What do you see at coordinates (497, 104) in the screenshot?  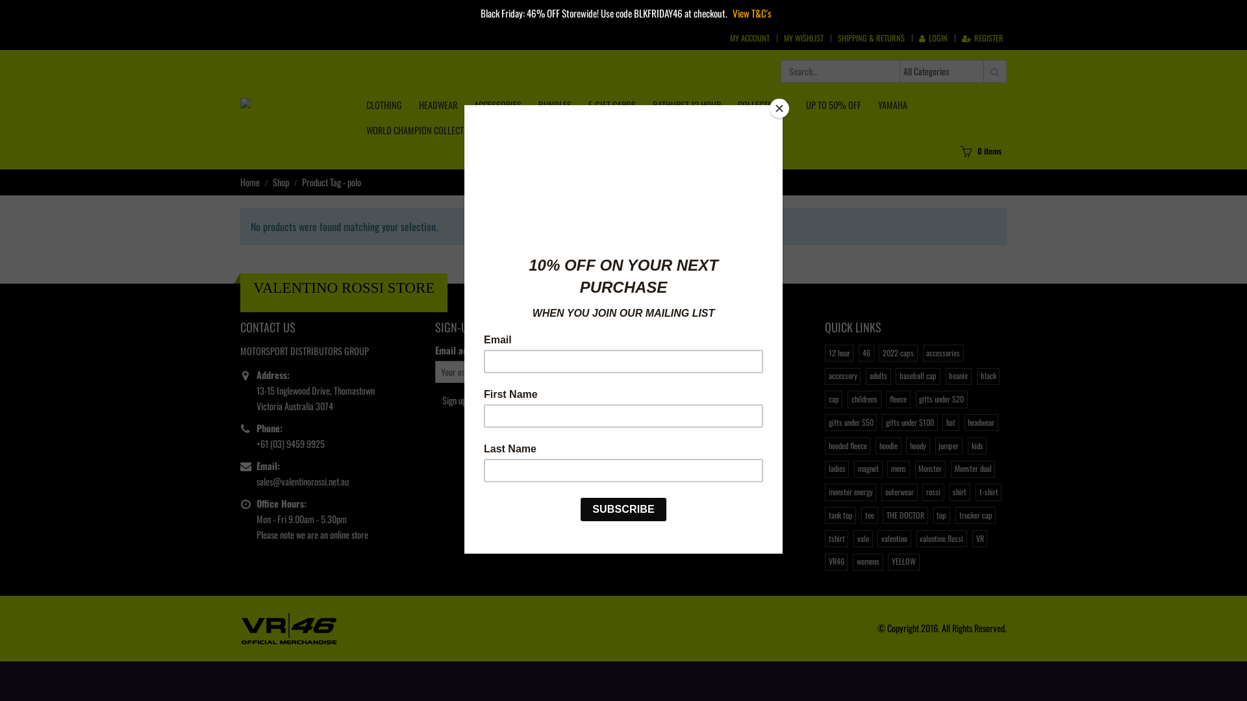 I see `'ACCESSORIES'` at bounding box center [497, 104].